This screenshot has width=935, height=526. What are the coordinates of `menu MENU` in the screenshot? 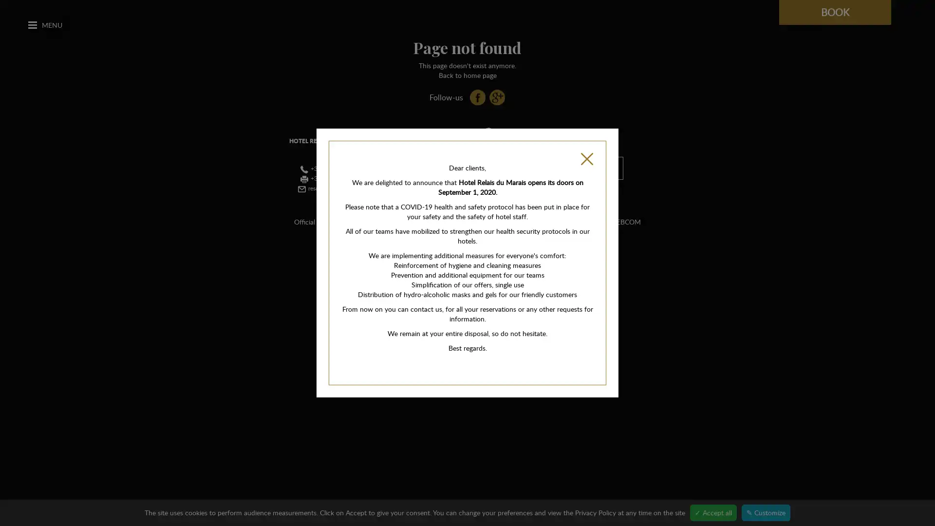 It's located at (44, 24).